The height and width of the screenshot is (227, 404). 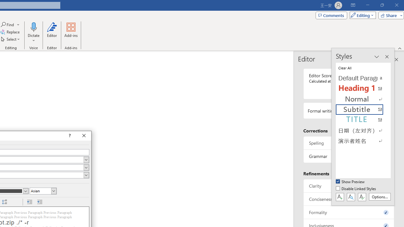 What do you see at coordinates (43, 190) in the screenshot?
I see `'Formatting script'` at bounding box center [43, 190].